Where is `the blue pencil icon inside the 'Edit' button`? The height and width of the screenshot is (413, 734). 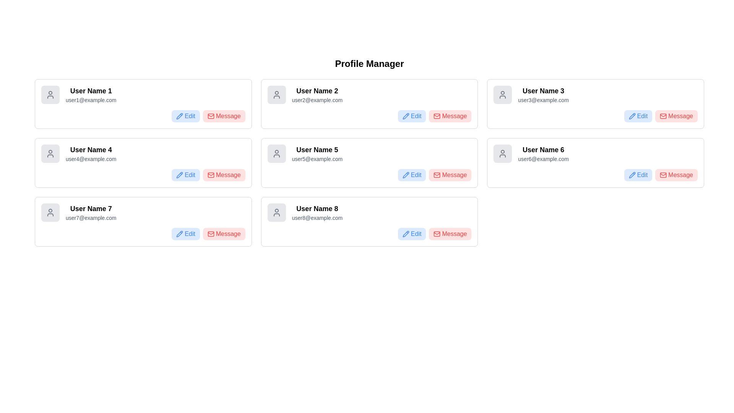
the blue pencil icon inside the 'Edit' button is located at coordinates (405, 234).